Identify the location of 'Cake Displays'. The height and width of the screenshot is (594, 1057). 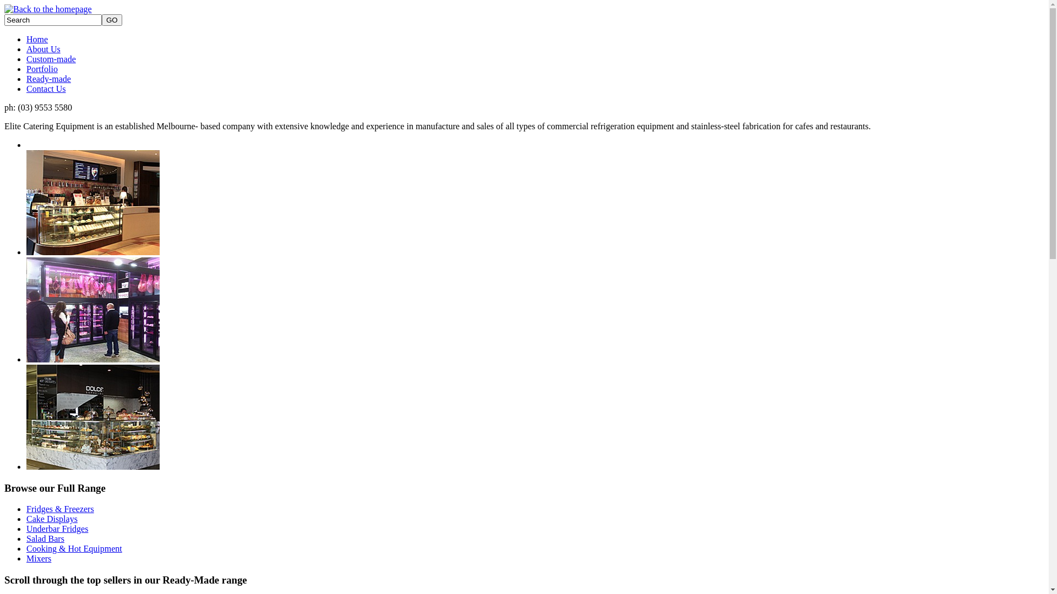
(51, 519).